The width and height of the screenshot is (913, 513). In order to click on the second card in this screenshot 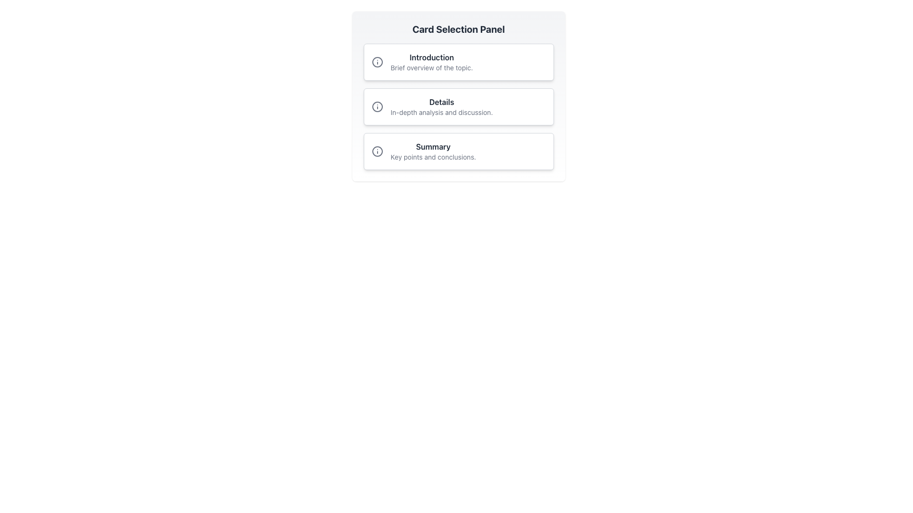, I will do `click(458, 106)`.